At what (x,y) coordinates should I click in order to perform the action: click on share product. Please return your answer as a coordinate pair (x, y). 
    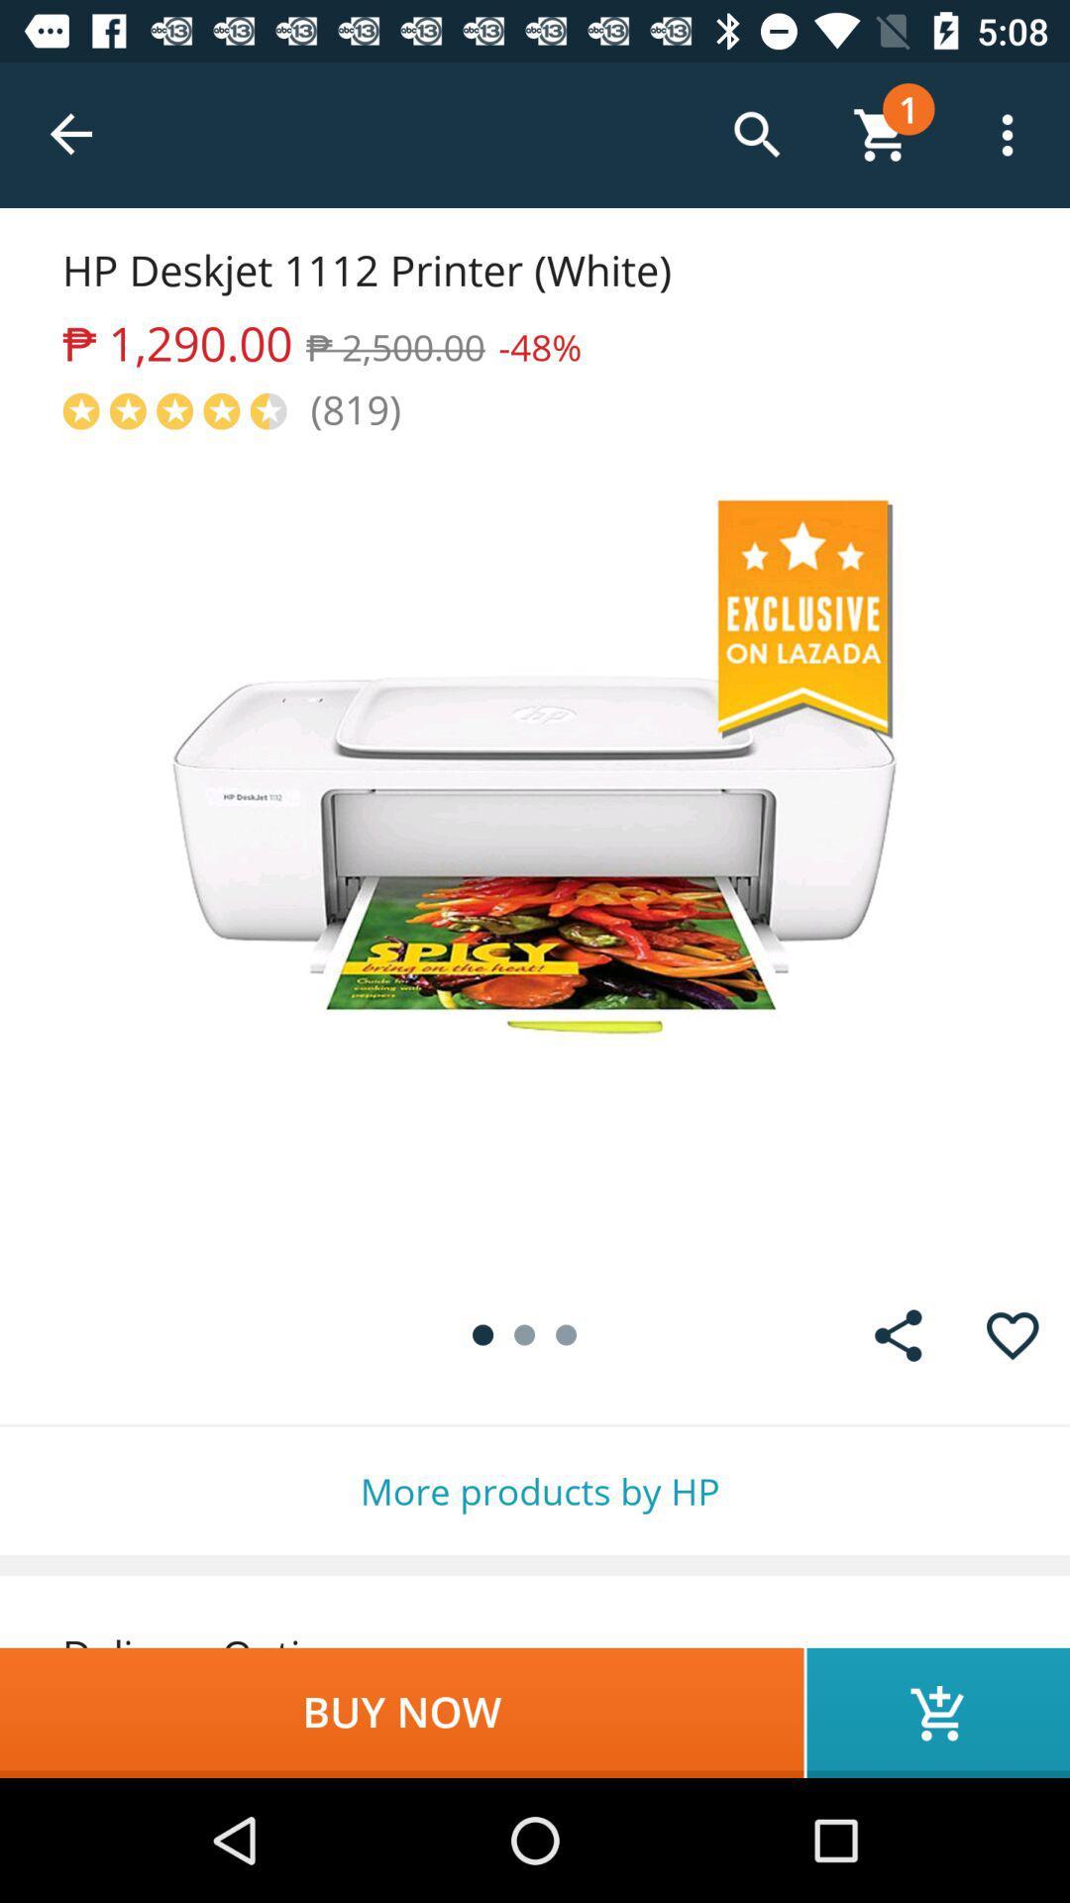
    Looking at the image, I should click on (898, 1335).